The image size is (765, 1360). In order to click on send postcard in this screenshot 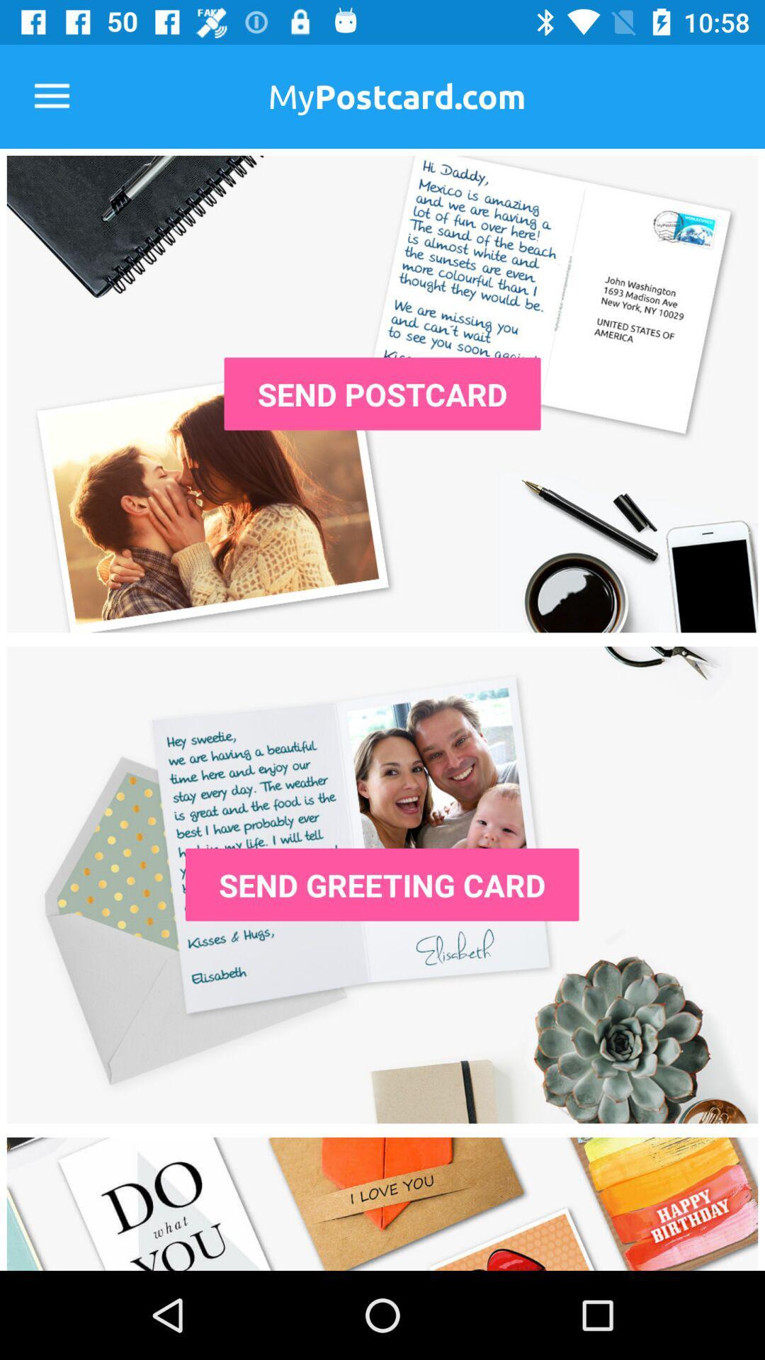, I will do `click(382, 394)`.